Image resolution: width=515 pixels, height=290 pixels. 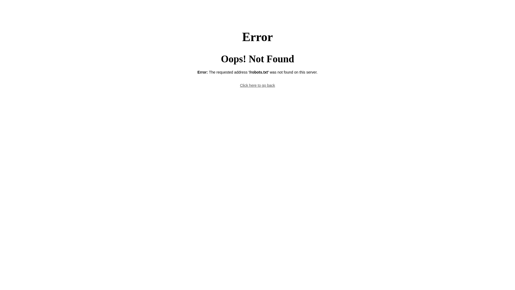 I want to click on 'Click here to go back', so click(x=257, y=85).